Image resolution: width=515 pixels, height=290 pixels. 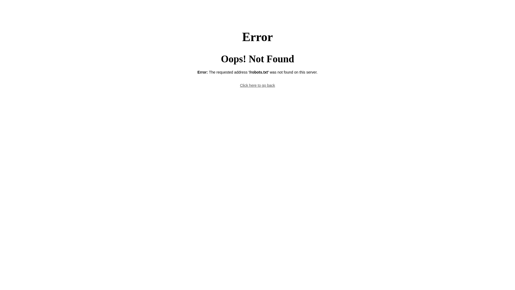 I want to click on 'Click here to go back', so click(x=257, y=85).